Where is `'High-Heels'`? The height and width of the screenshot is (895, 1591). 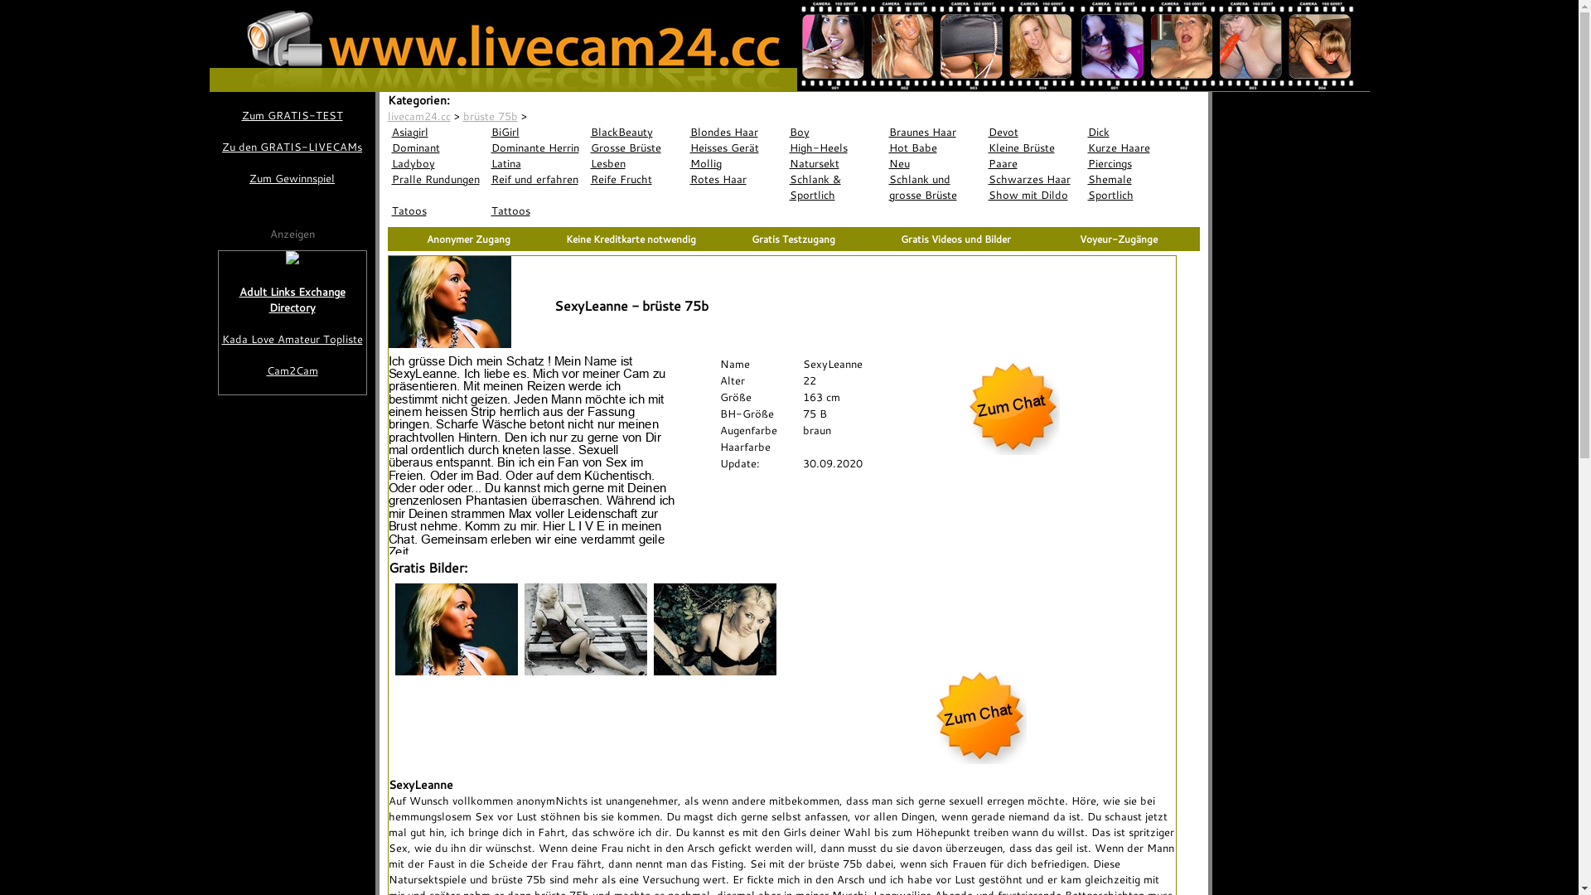 'High-Heels' is located at coordinates (835, 147).